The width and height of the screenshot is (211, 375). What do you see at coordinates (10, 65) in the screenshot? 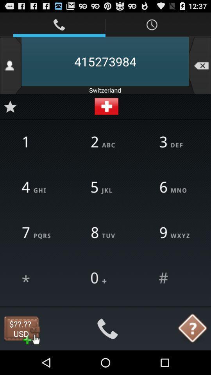
I see `open contacts` at bounding box center [10, 65].